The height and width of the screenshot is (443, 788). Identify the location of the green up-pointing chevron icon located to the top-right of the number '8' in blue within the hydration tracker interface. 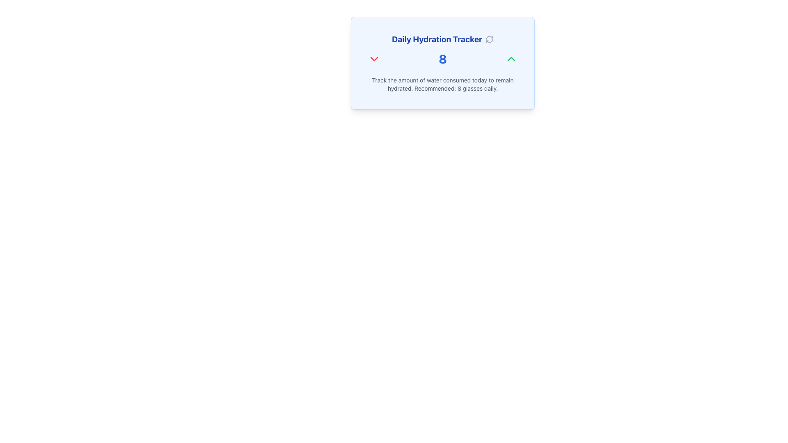
(511, 58).